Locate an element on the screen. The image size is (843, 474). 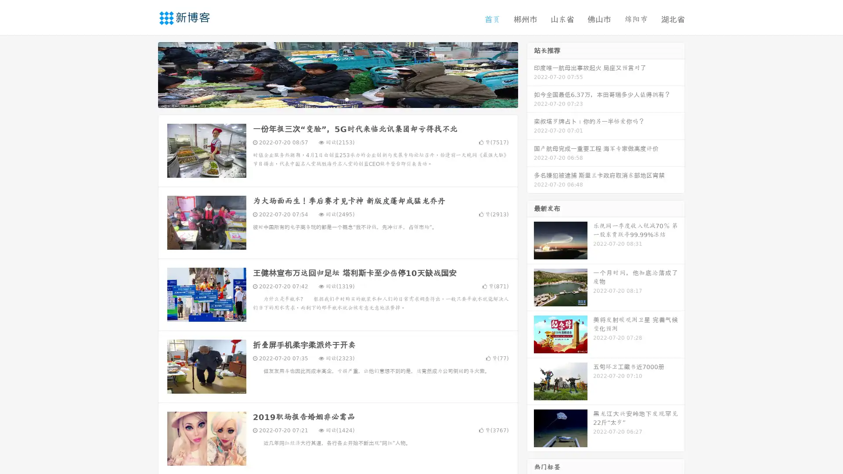
Go to slide 1 is located at coordinates (328, 99).